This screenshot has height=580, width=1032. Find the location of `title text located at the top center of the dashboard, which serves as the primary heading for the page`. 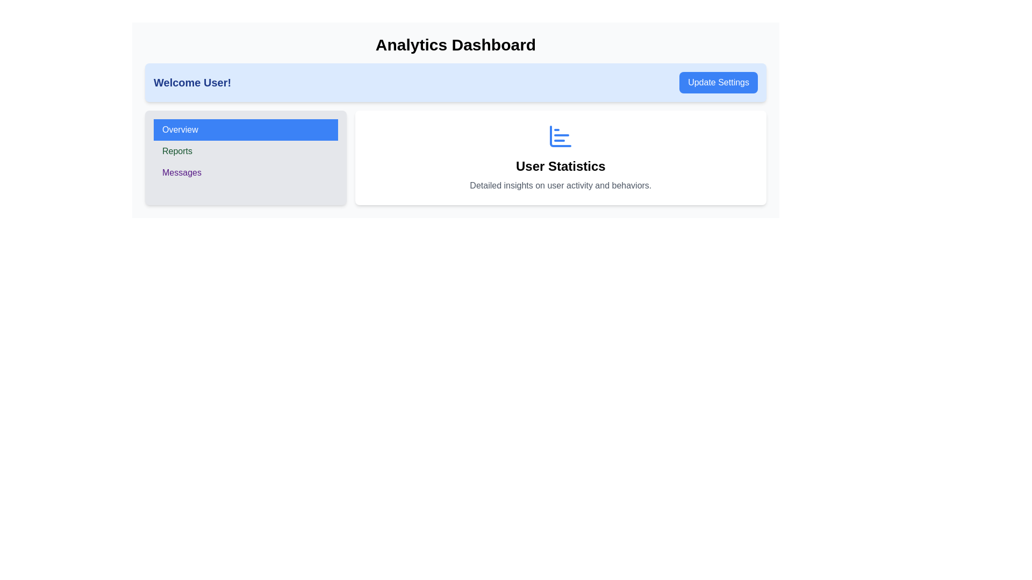

title text located at the top center of the dashboard, which serves as the primary heading for the page is located at coordinates (456, 45).